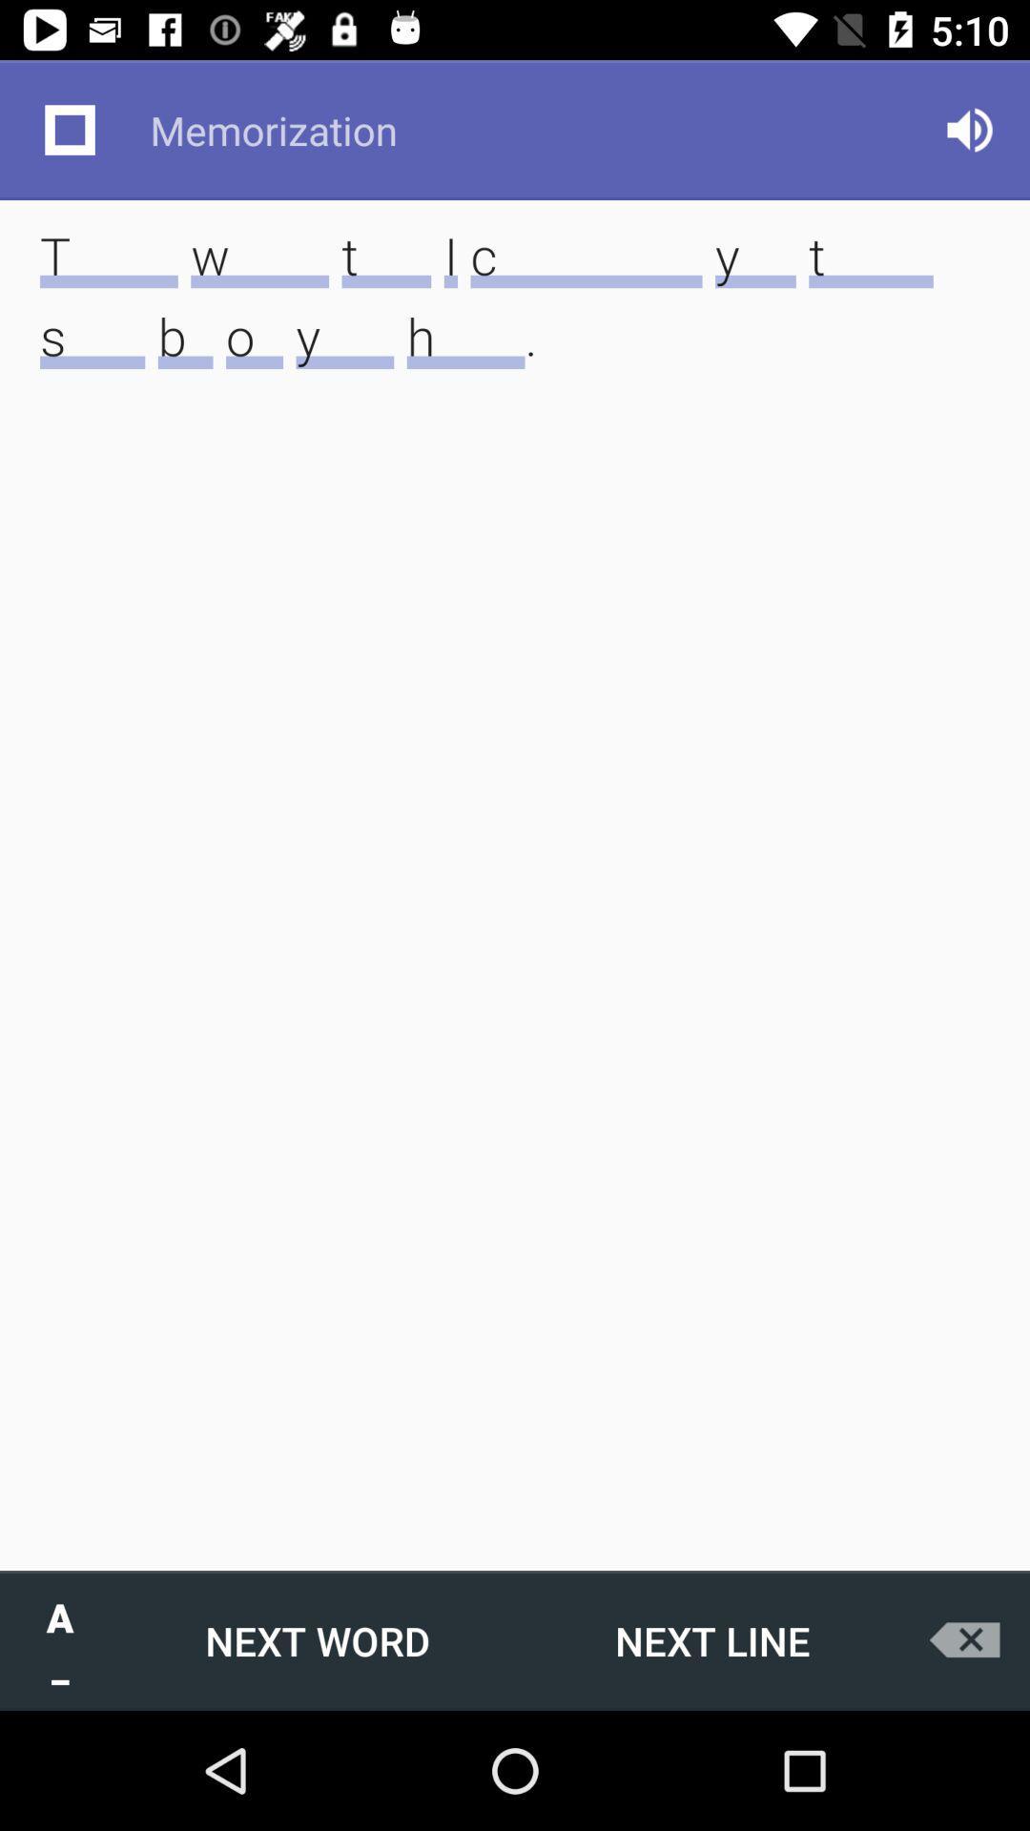  What do you see at coordinates (58, 1639) in the screenshot?
I see `item next to next word` at bounding box center [58, 1639].